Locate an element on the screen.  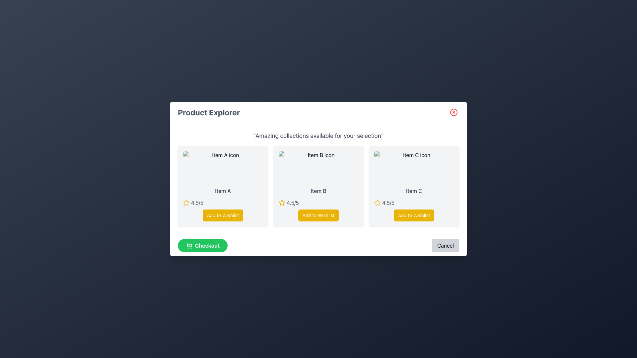
the close button for the Product Explorer section, which is located at the far right of the header containing the text 'Product Explorer' is located at coordinates (454, 112).